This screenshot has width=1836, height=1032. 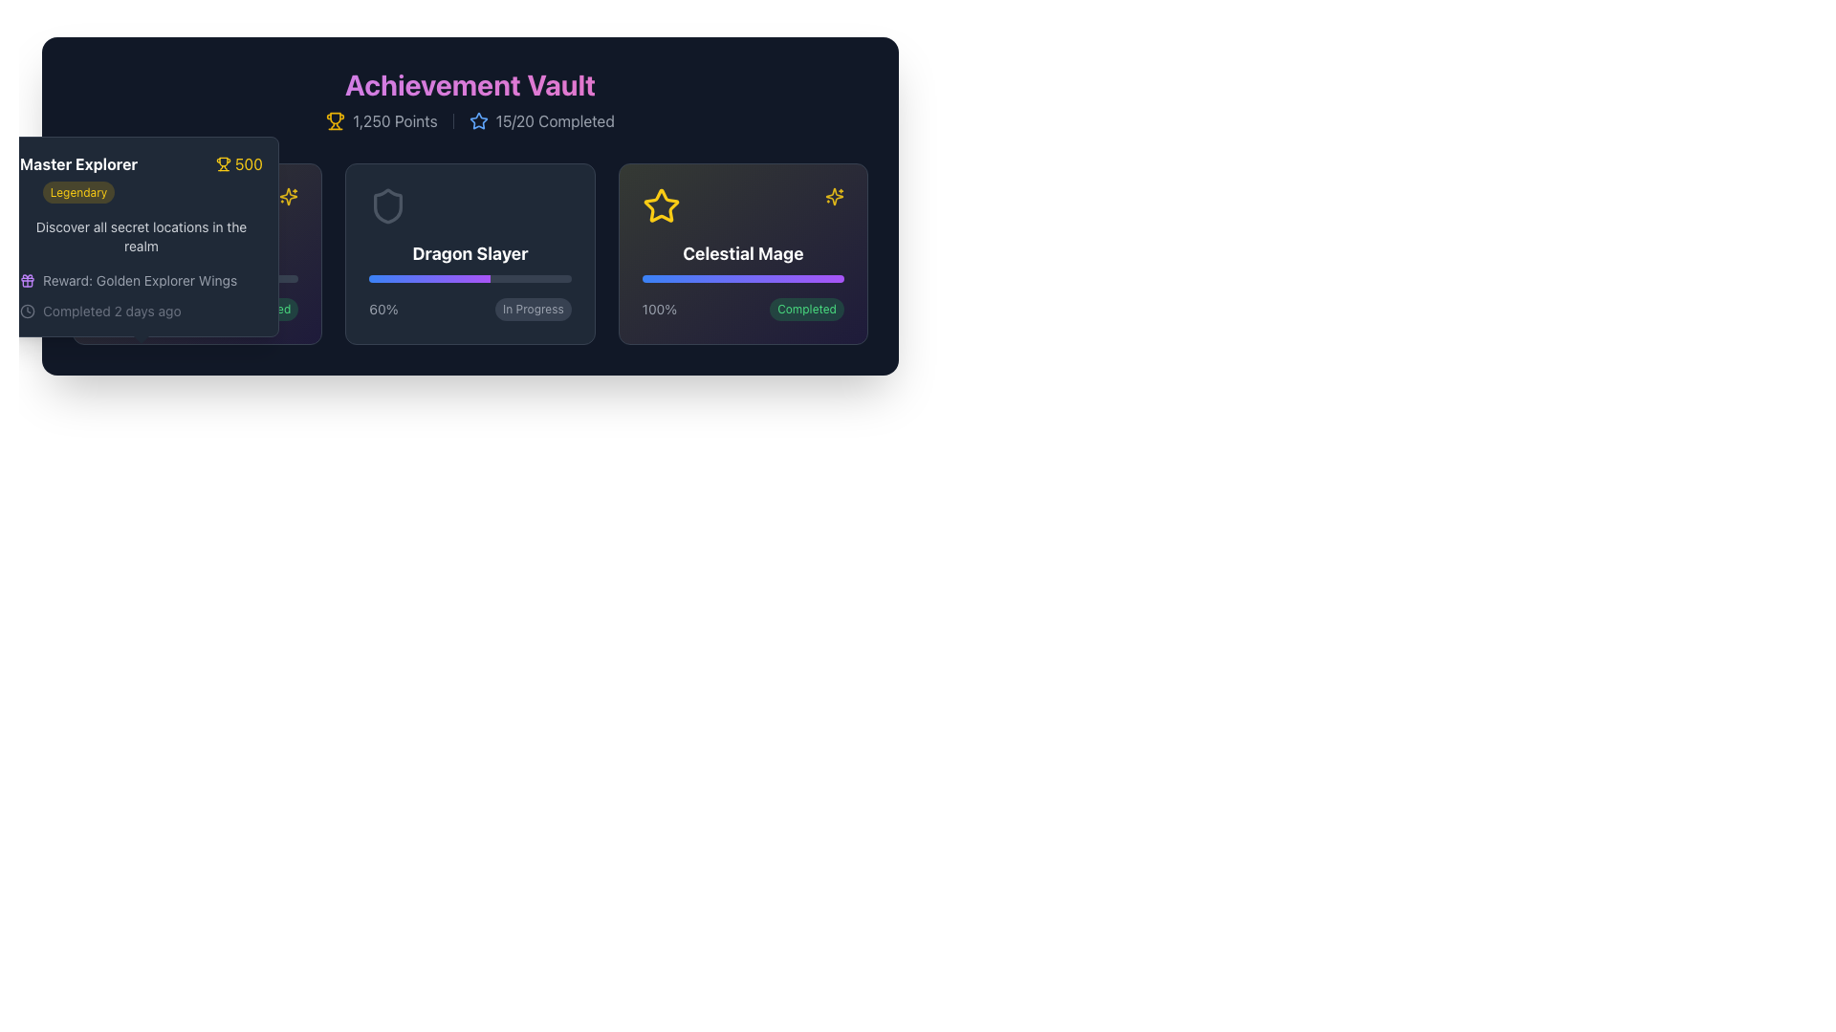 What do you see at coordinates (400, 279) in the screenshot?
I see `progress bar` at bounding box center [400, 279].